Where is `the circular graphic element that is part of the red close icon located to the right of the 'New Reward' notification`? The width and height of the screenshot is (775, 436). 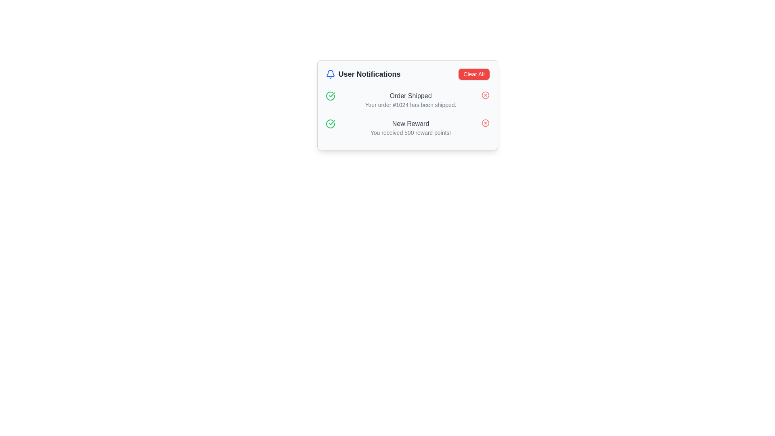
the circular graphic element that is part of the red close icon located to the right of the 'New Reward' notification is located at coordinates (485, 123).